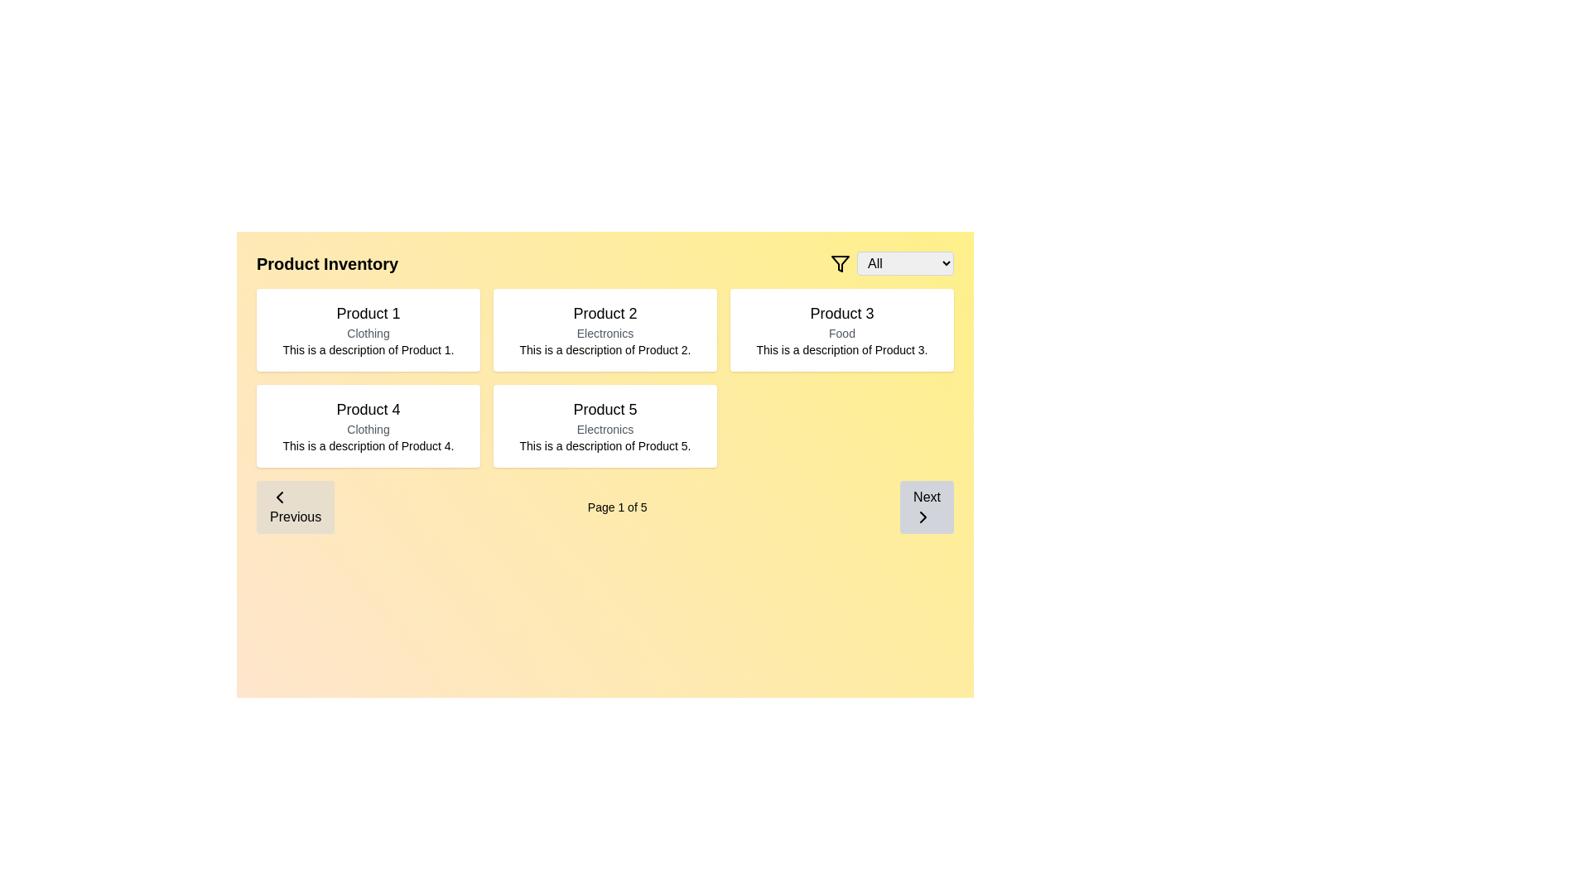 The height and width of the screenshot is (894, 1590). Describe the element at coordinates (842, 349) in the screenshot. I see `the descriptive text element that provides information about 'Product 3', located below the 'Food' label and title 'Product 3' in the upper-right corner of the grid layout` at that location.